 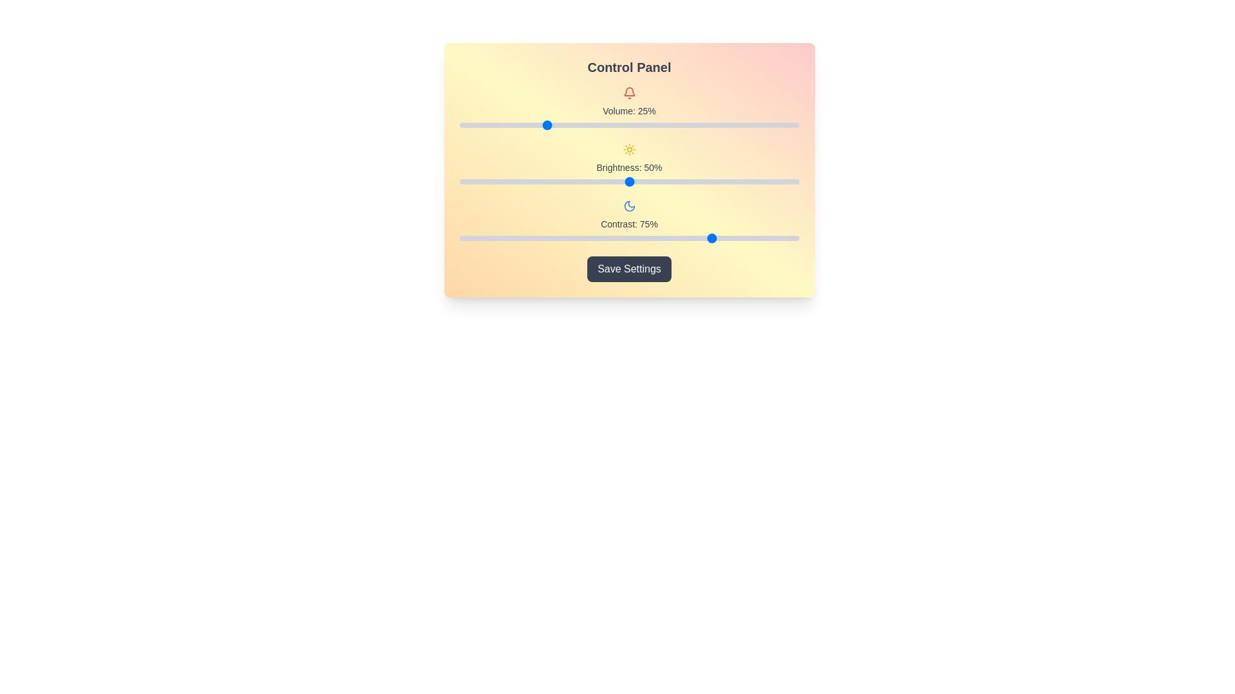 I want to click on contrast, so click(x=565, y=238).